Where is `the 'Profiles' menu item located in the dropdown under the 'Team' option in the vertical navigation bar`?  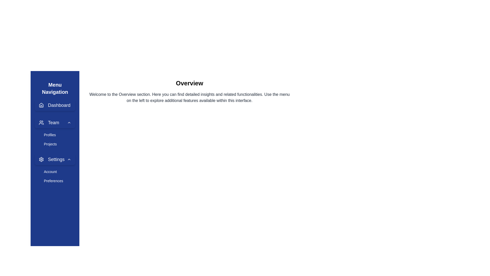 the 'Profiles' menu item located in the dropdown under the 'Team' option in the vertical navigation bar is located at coordinates (55, 132).